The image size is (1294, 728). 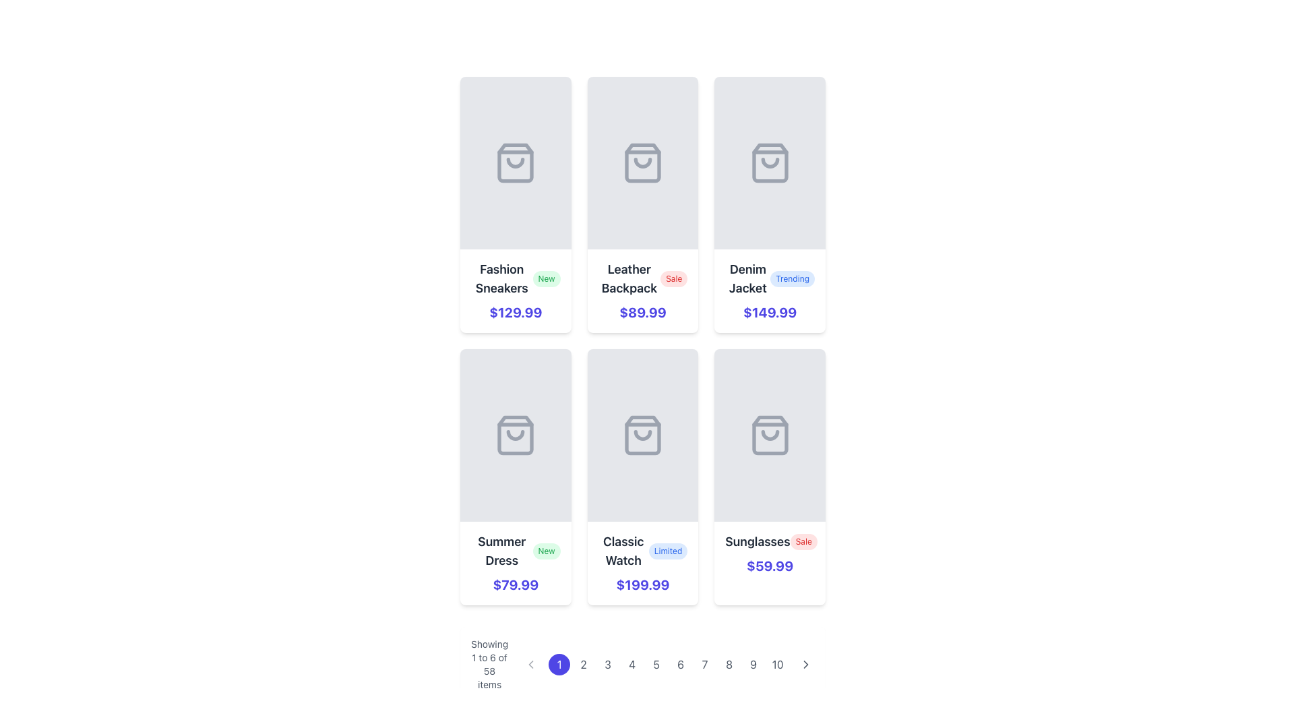 I want to click on the text label displaying the price '$89.99' in a bold and large indigo font, located within the 'Leather Backpack' card in the second column of the first row, below the 'Leather Backpack' text and a red 'Sale' badge, so click(x=642, y=312).